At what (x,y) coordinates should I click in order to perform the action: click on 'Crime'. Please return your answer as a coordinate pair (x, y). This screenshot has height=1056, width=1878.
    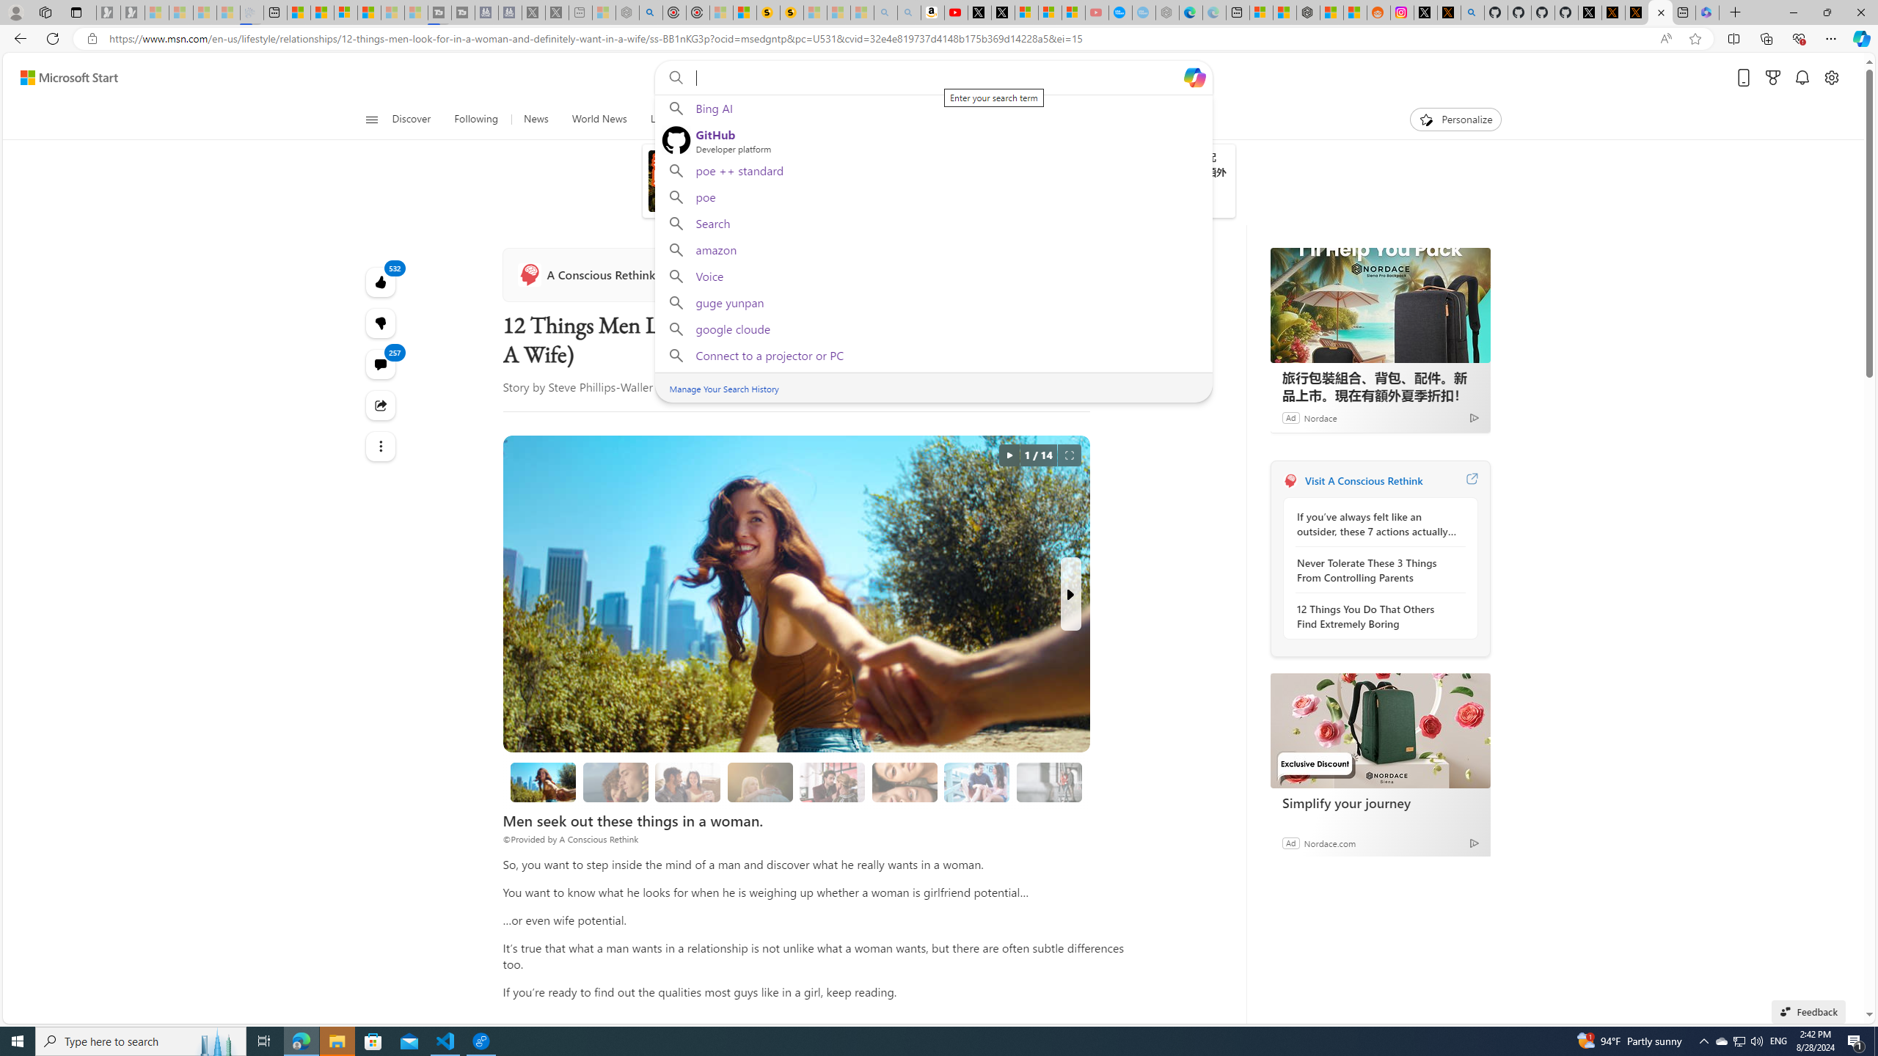
    Looking at the image, I should click on (843, 119).